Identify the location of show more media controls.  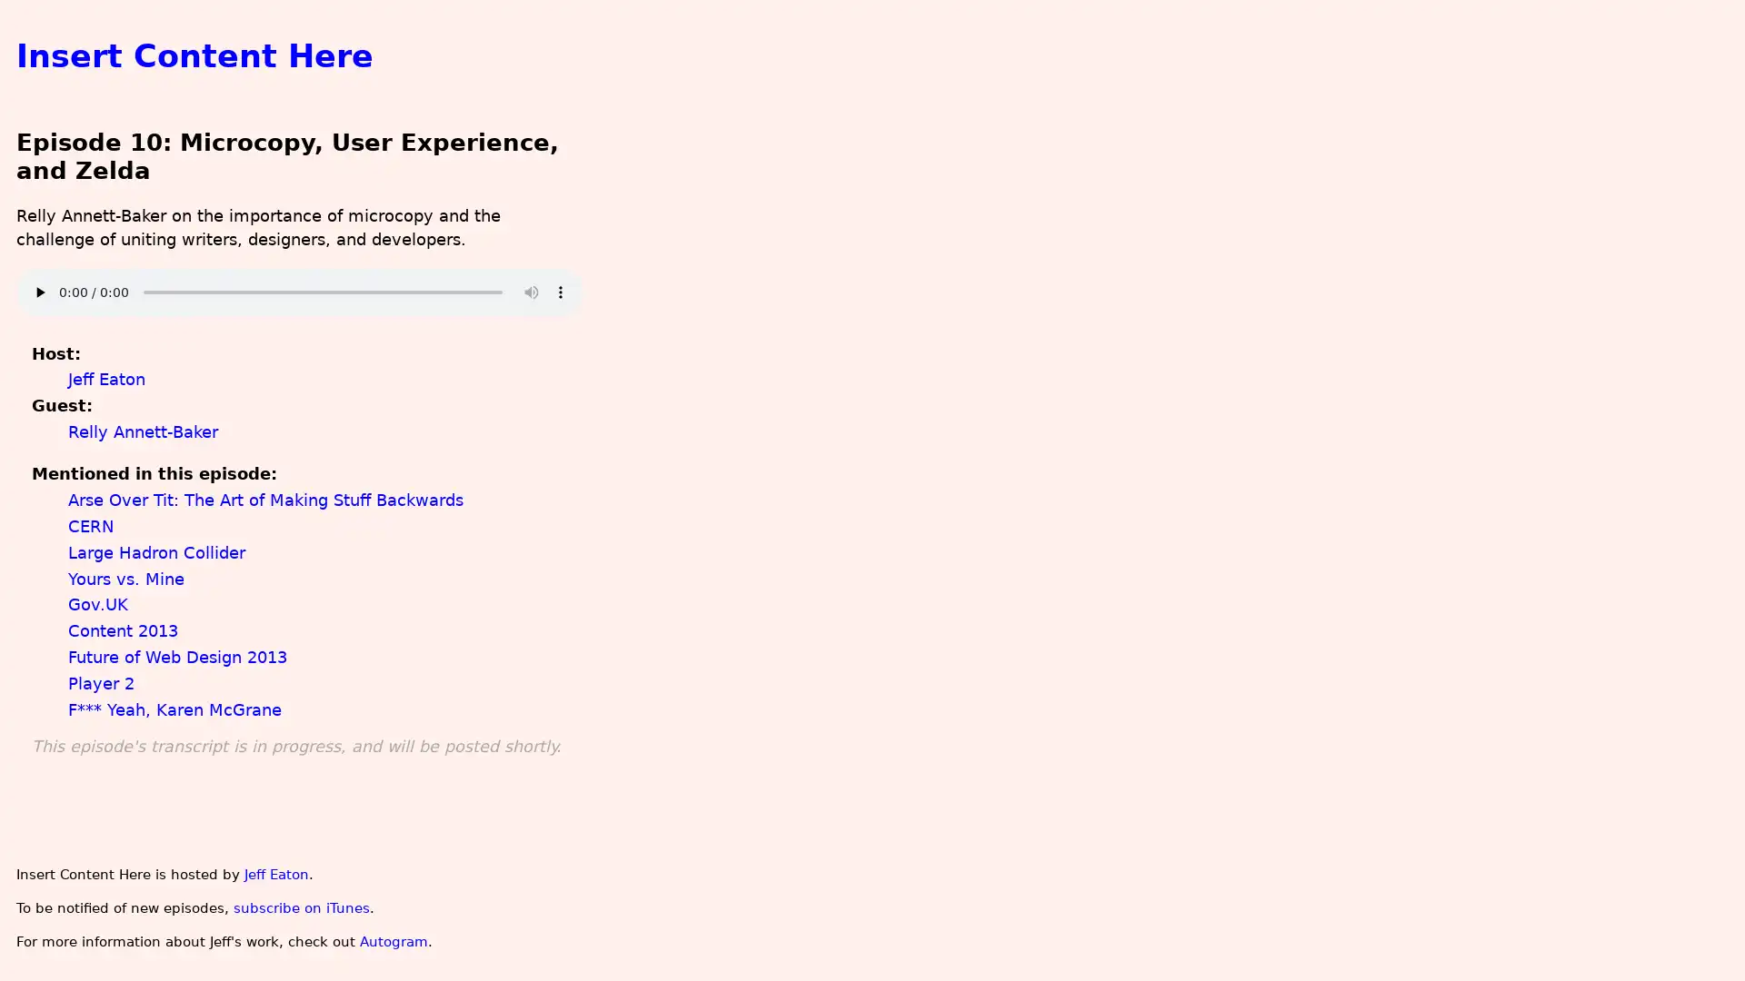
(558, 291).